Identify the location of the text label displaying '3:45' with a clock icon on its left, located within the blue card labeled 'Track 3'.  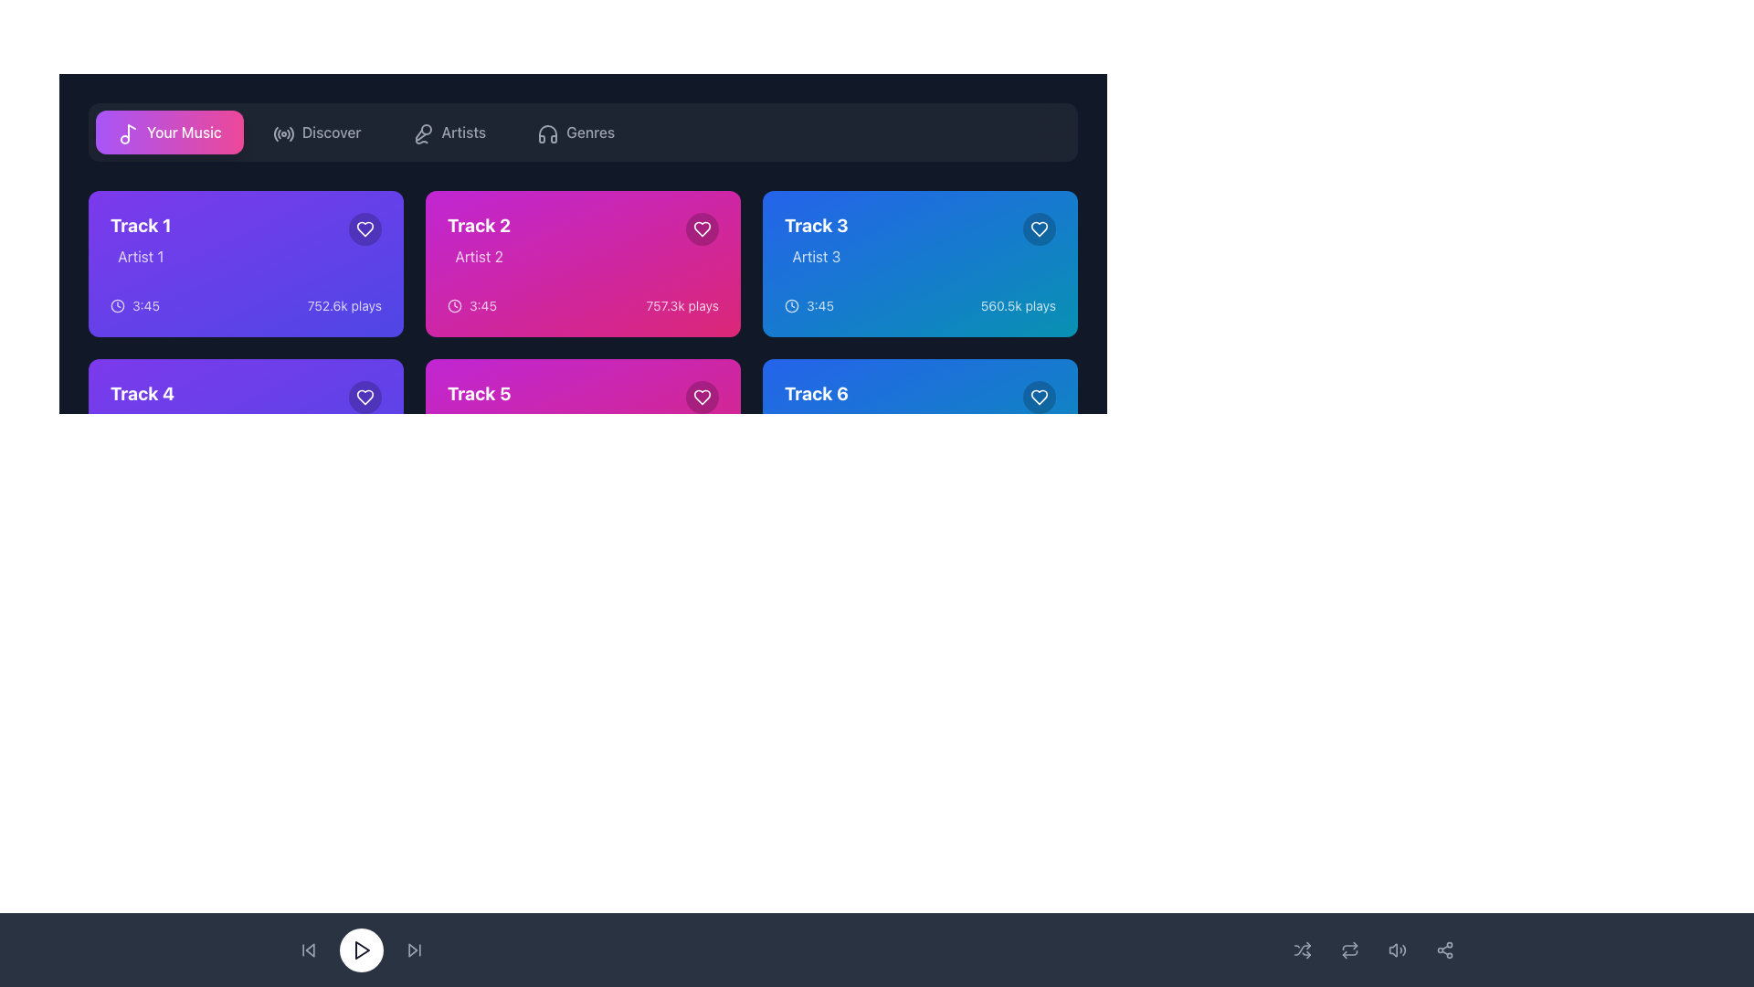
(808, 305).